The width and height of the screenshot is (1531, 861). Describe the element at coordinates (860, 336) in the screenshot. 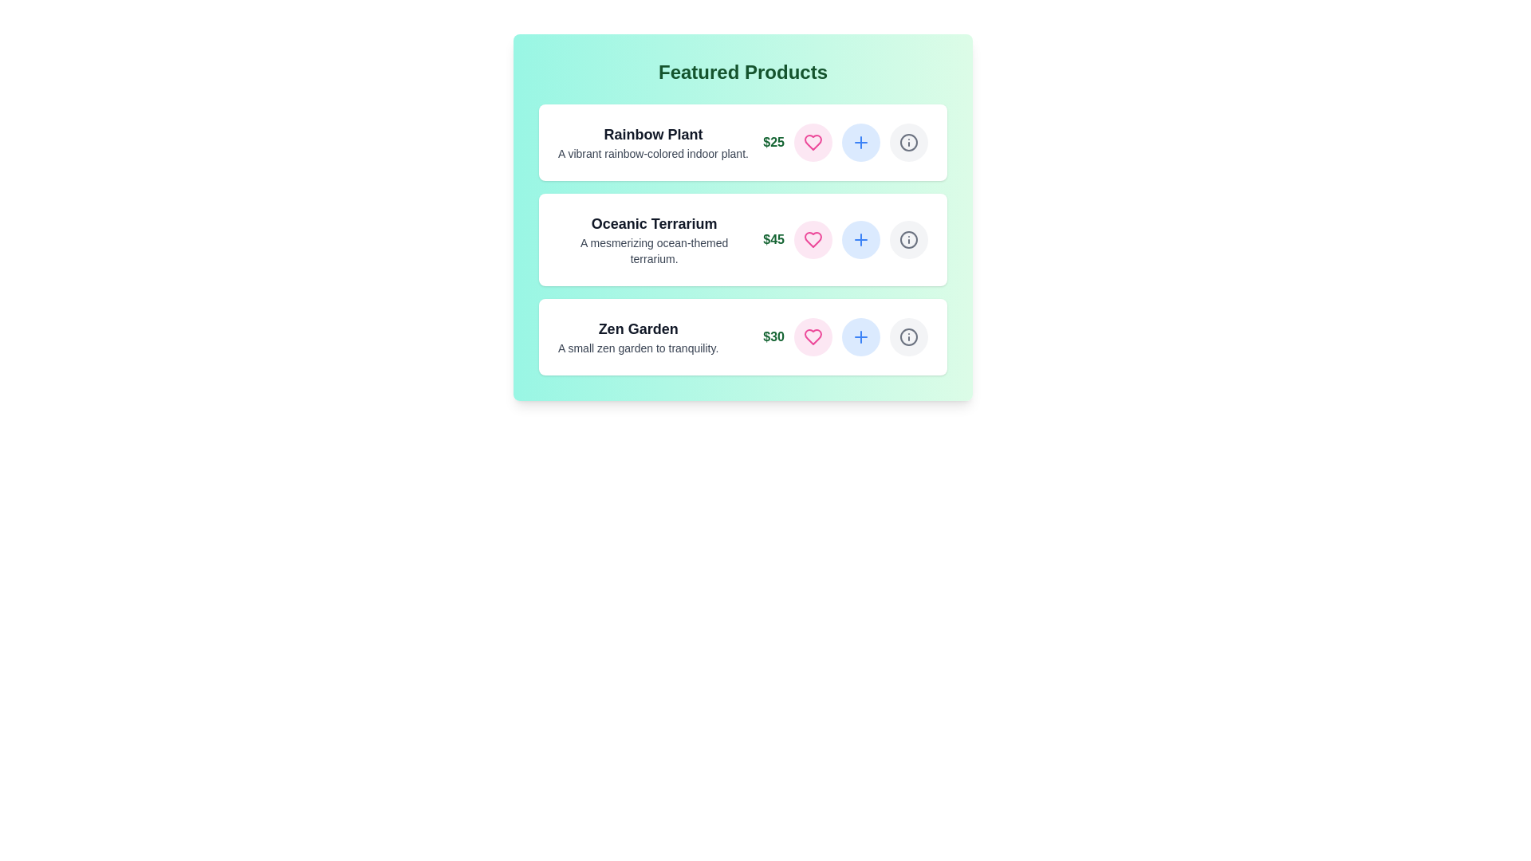

I see `plus button for the product Zen Garden to add it to the cart` at that location.